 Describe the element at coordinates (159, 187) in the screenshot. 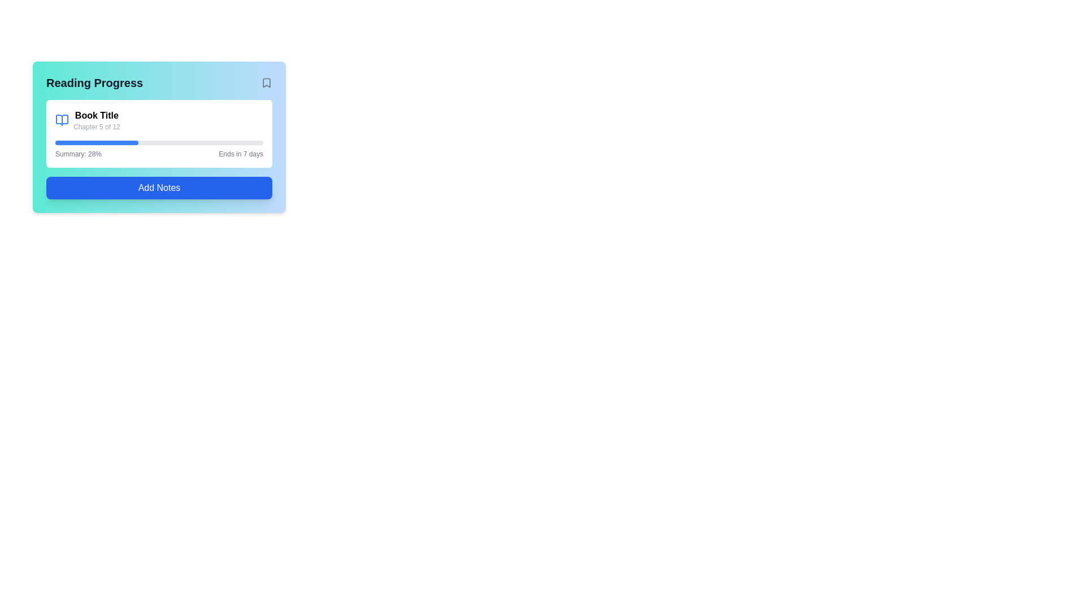

I see `the button located at the bottom of the card interface` at that location.